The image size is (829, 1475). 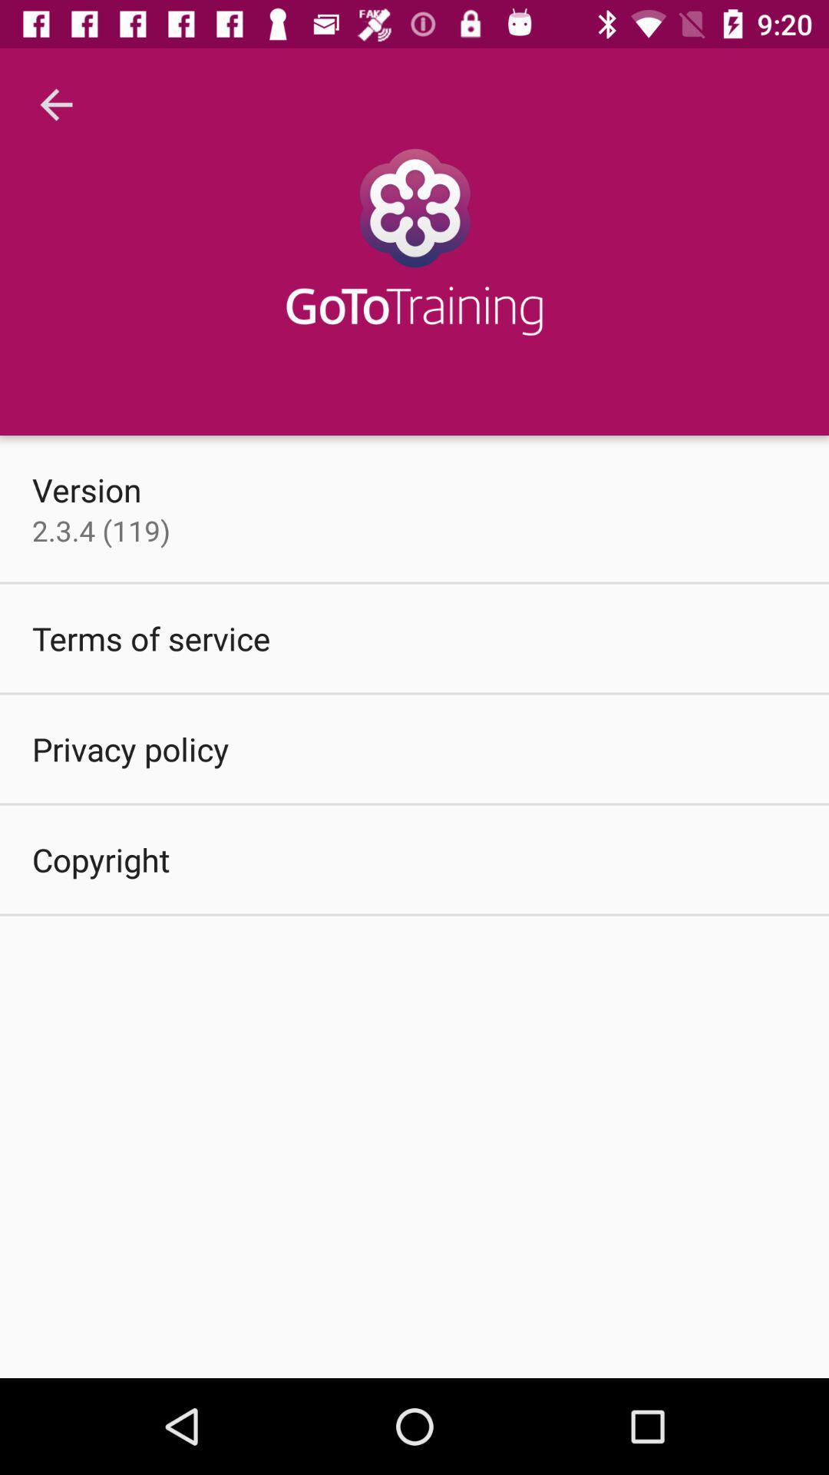 I want to click on terms of service, so click(x=151, y=638).